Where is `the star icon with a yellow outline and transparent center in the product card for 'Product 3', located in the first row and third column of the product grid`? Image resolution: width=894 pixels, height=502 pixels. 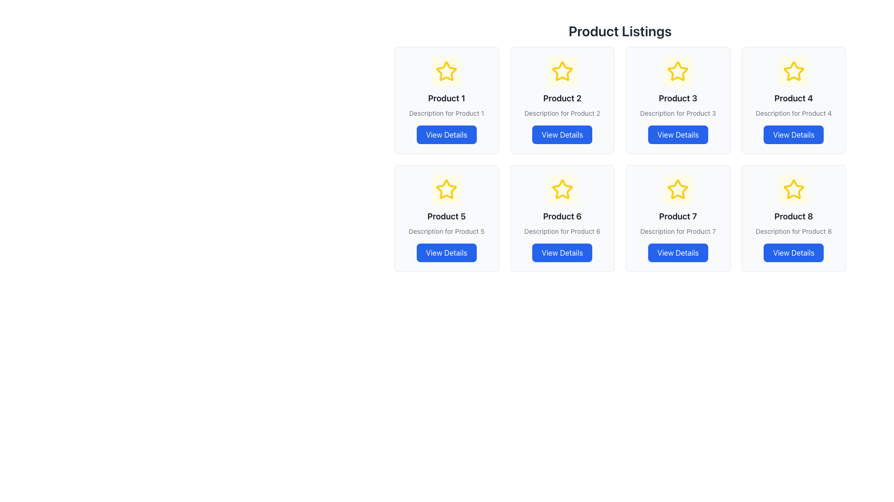 the star icon with a yellow outline and transparent center in the product card for 'Product 3', located in the first row and third column of the product grid is located at coordinates (678, 71).